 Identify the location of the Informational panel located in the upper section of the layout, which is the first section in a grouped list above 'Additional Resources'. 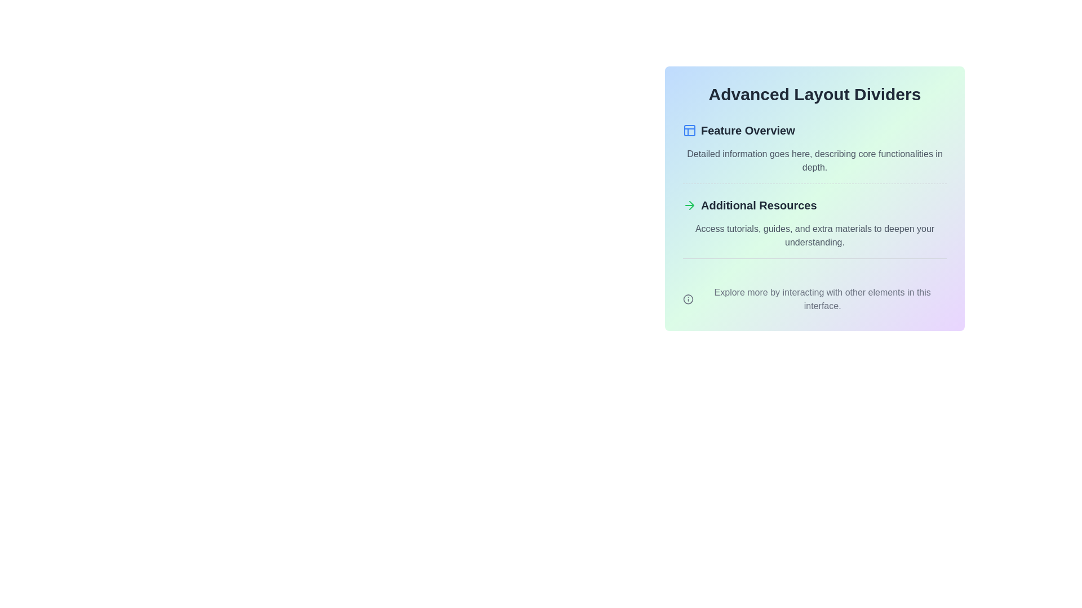
(814, 153).